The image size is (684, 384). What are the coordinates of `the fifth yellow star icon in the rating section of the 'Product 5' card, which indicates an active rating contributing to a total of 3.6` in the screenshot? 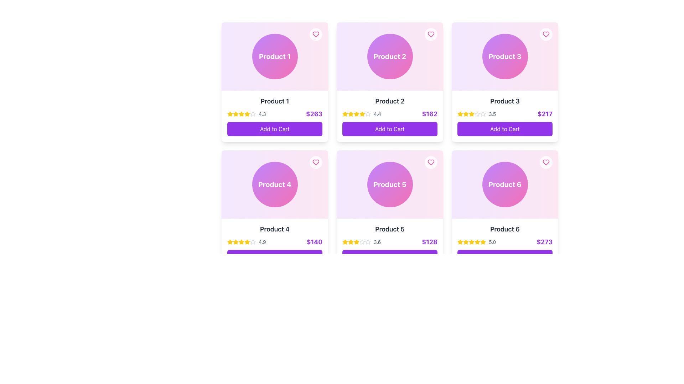 It's located at (357, 242).